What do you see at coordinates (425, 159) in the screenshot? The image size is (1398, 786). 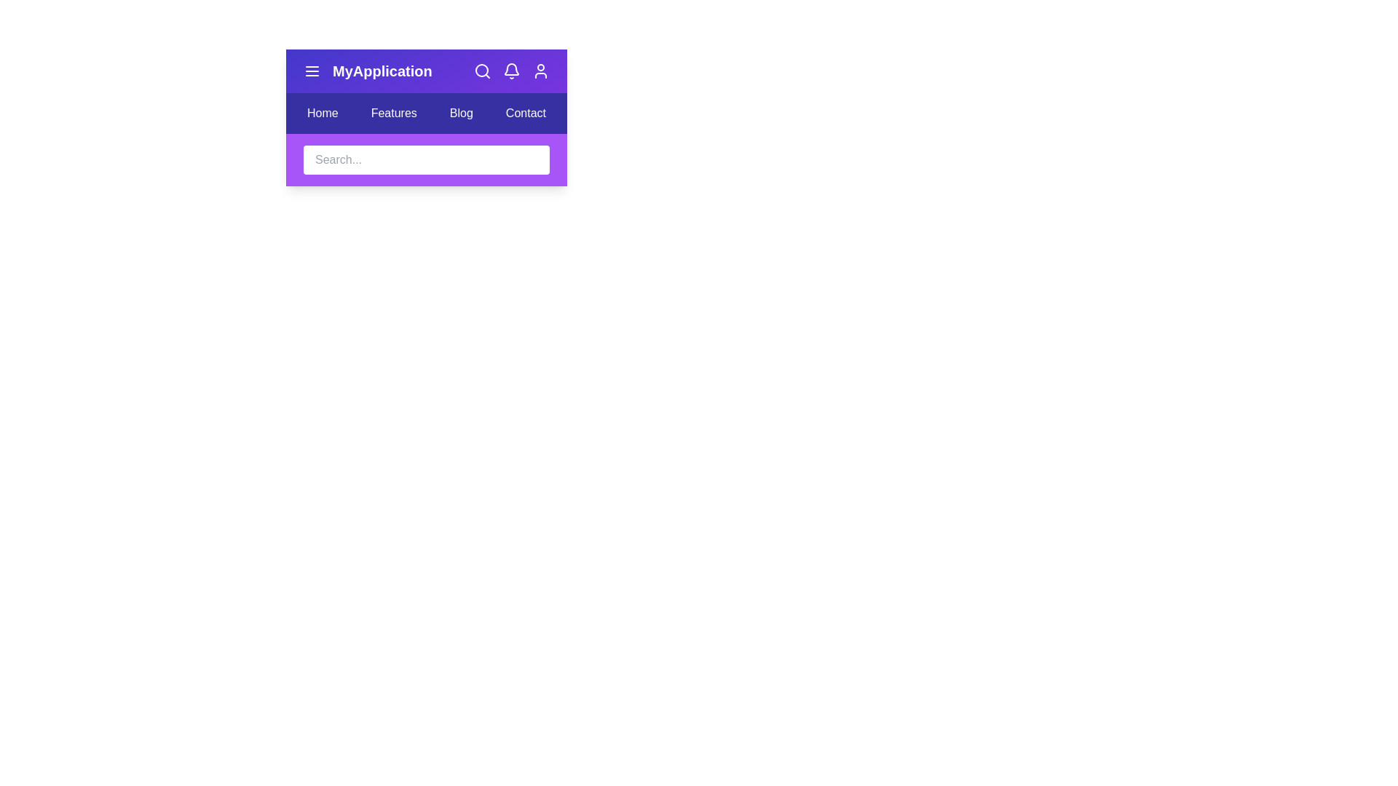 I see `the search input field to focus on it` at bounding box center [425, 159].